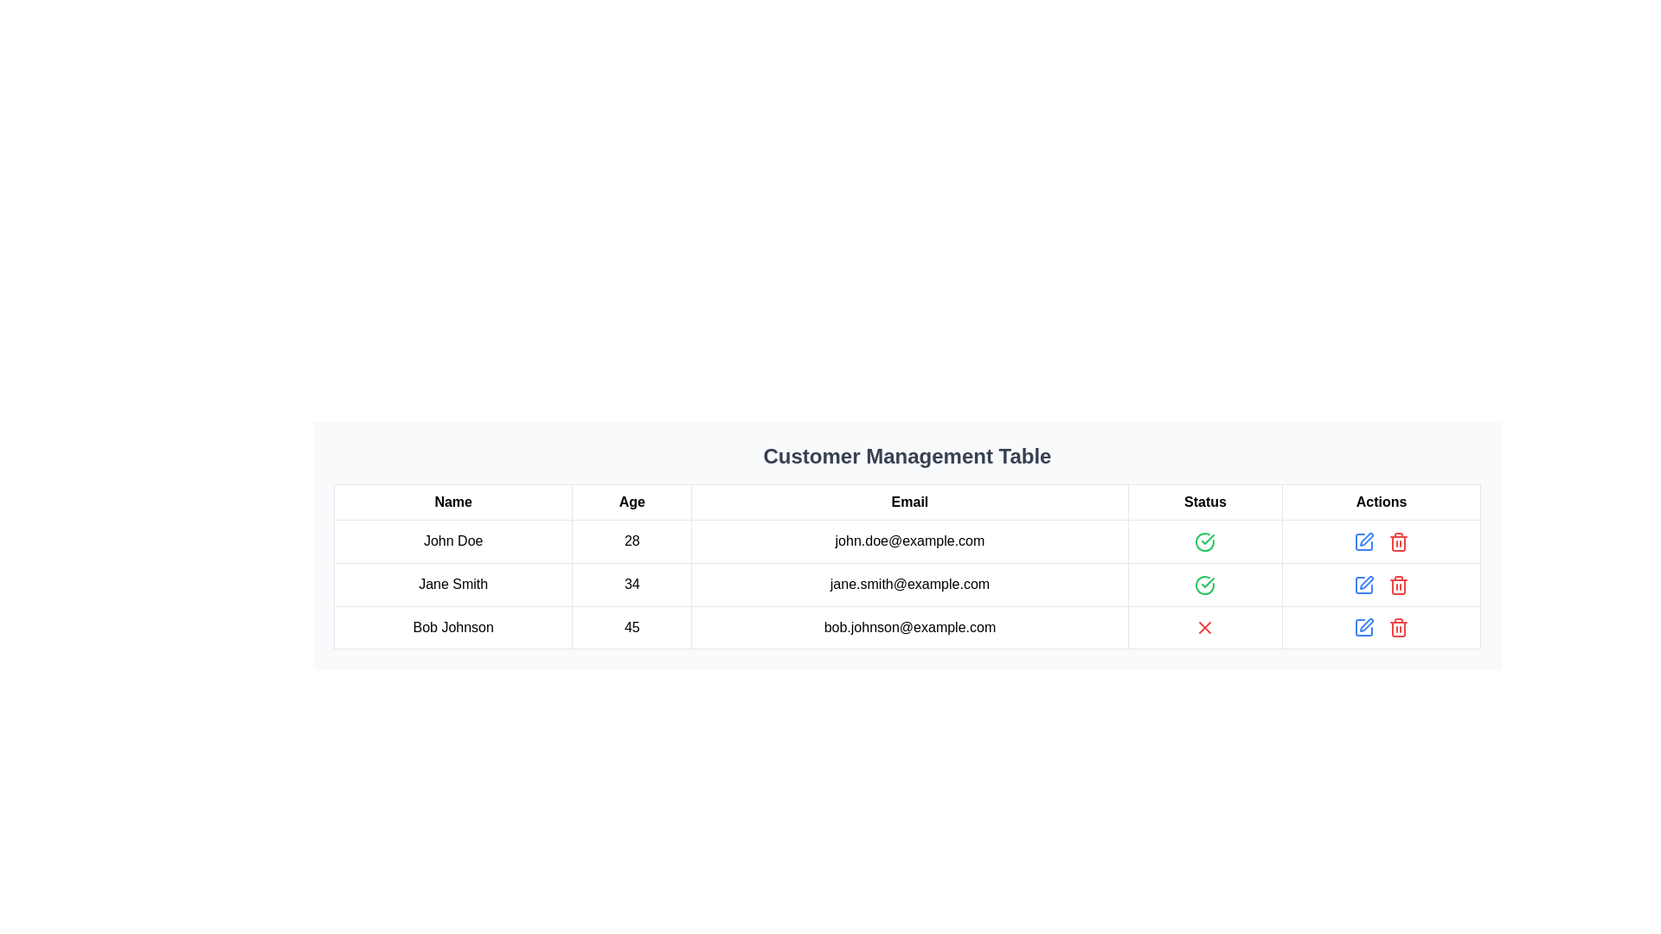 The width and height of the screenshot is (1661, 934). Describe the element at coordinates (1204, 584) in the screenshot. I see `the green checkmark icon indicating a positive status for user Jane Smith in the 'Status' column of the table` at that location.